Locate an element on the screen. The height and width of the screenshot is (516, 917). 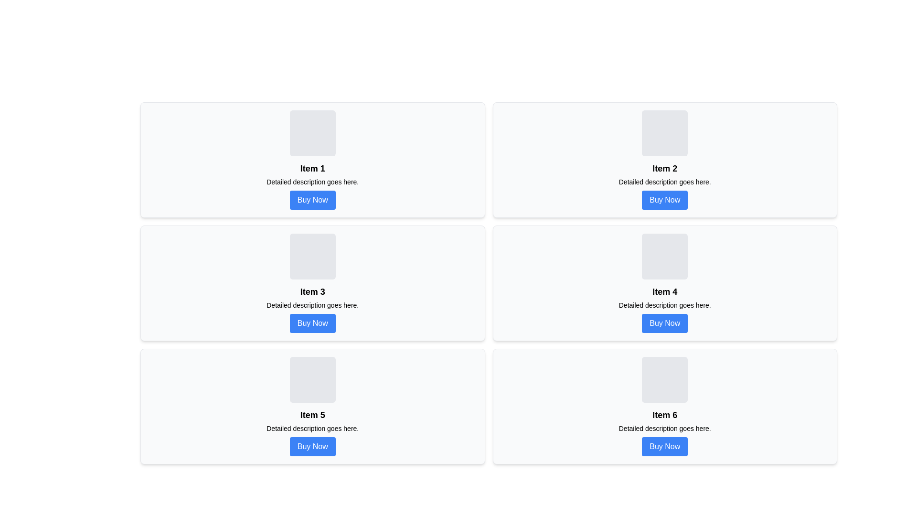
the purchase button located below the description text in the 'Item 1' card positioned in the top-left corner of the interface to observe hover effects is located at coordinates (312, 200).